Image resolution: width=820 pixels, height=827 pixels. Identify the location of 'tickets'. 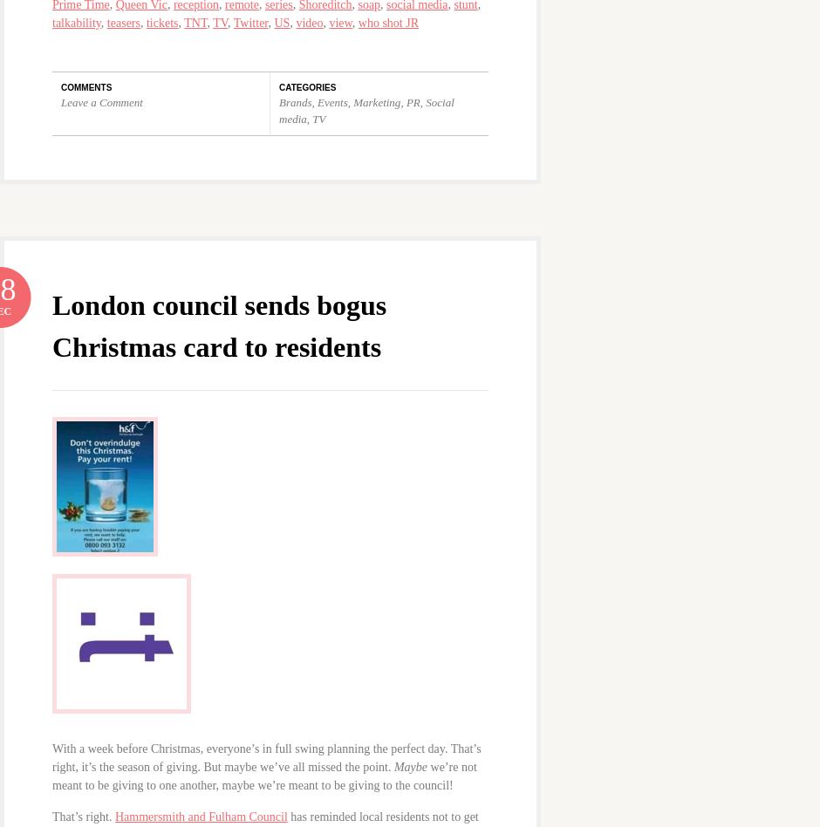
(161, 22).